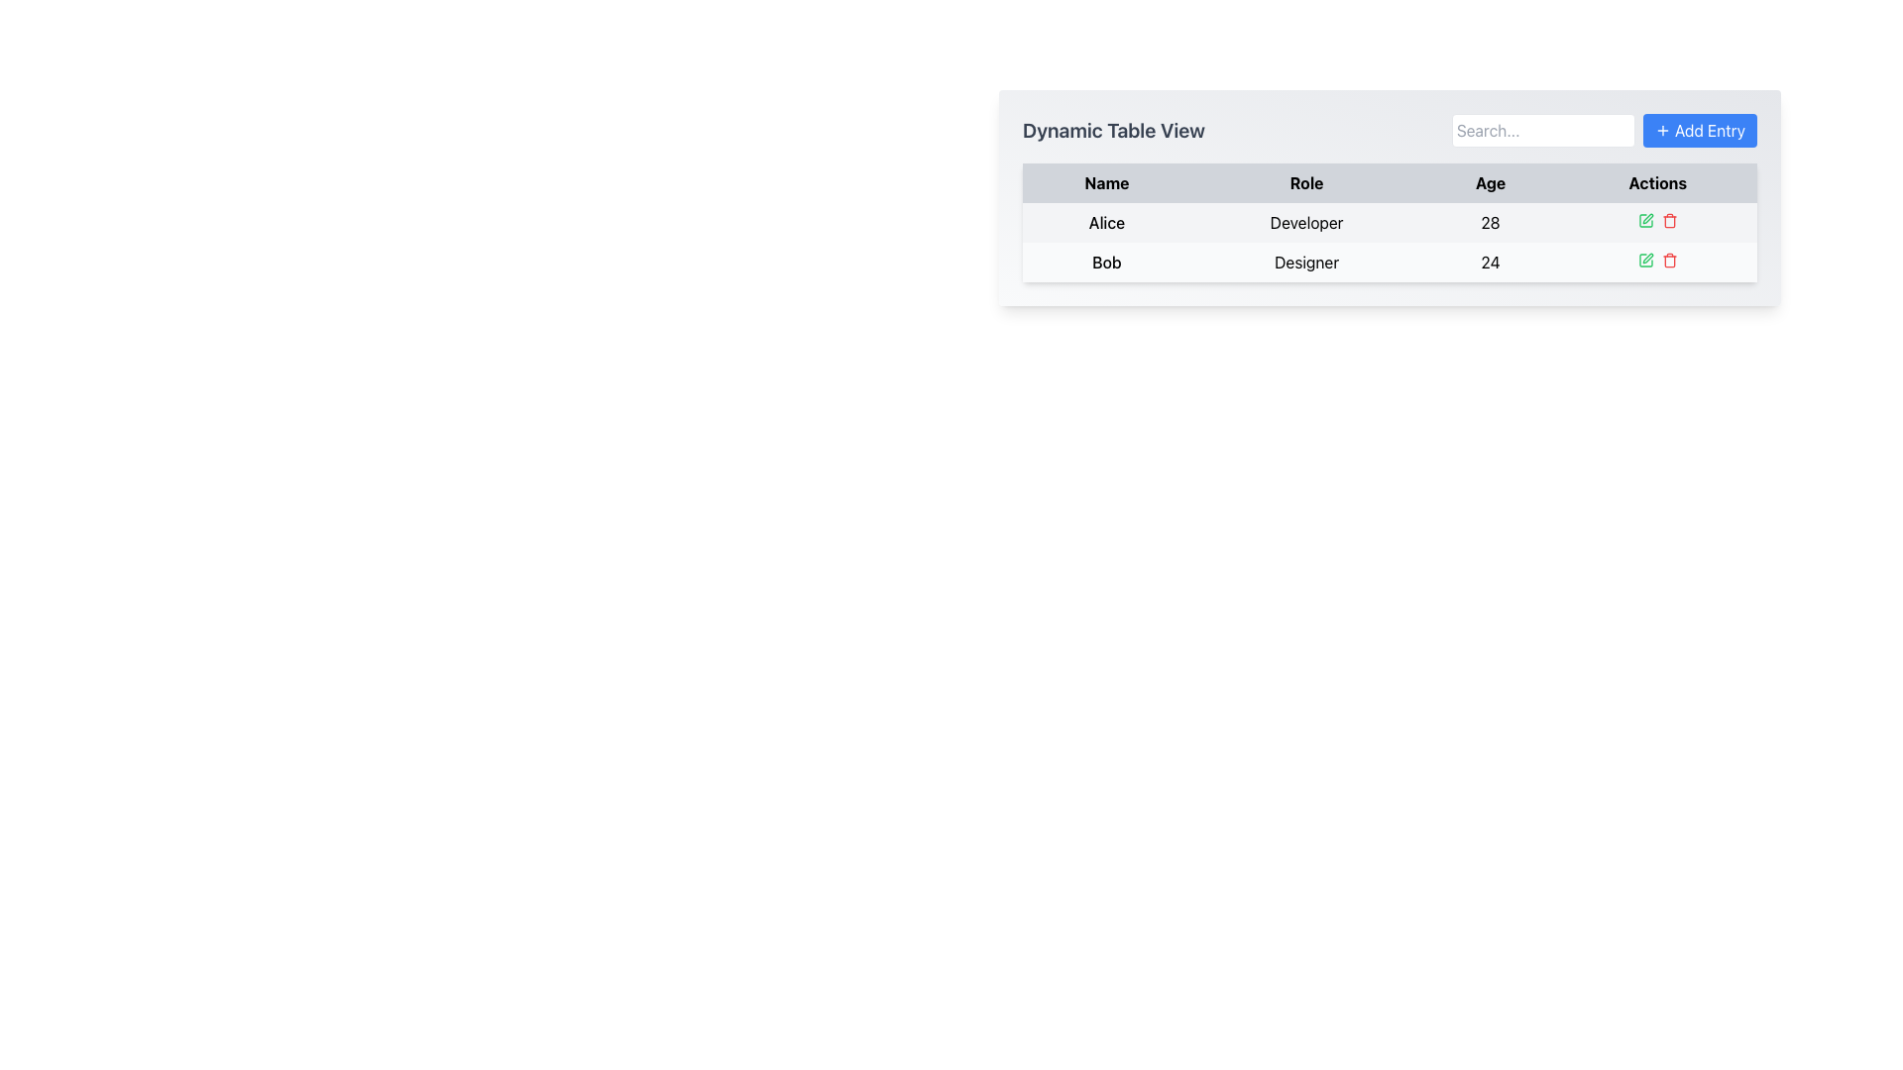 This screenshot has width=1903, height=1070. What do you see at coordinates (1647, 258) in the screenshot?
I see `the edit icon located in the 'Actions' column of the second row of the table, which is next to the red-colored trash bin icon` at bounding box center [1647, 258].